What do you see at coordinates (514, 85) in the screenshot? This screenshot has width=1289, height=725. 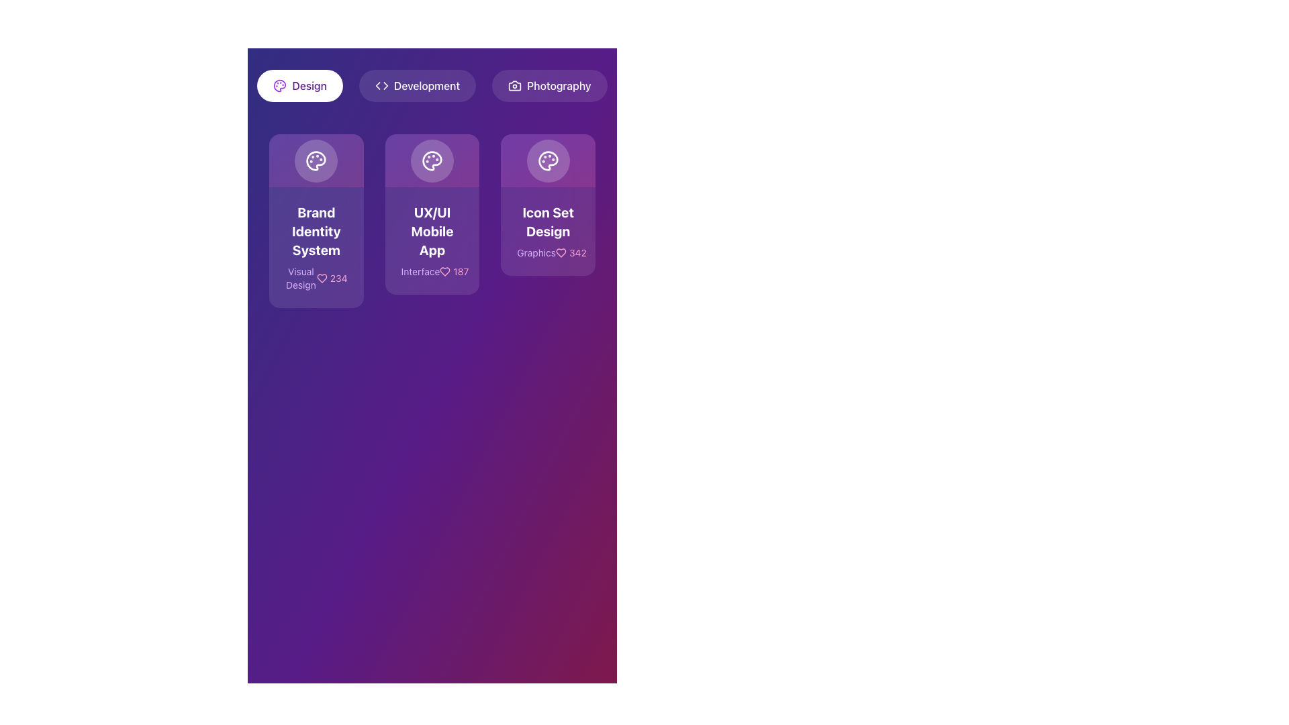 I see `the camera icon located to the left of the 'Photography' button, which is styled in white against a dark background` at bounding box center [514, 85].